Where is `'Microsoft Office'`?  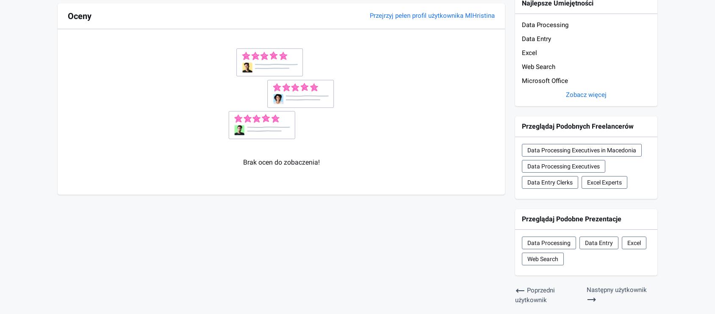 'Microsoft Office' is located at coordinates (522, 80).